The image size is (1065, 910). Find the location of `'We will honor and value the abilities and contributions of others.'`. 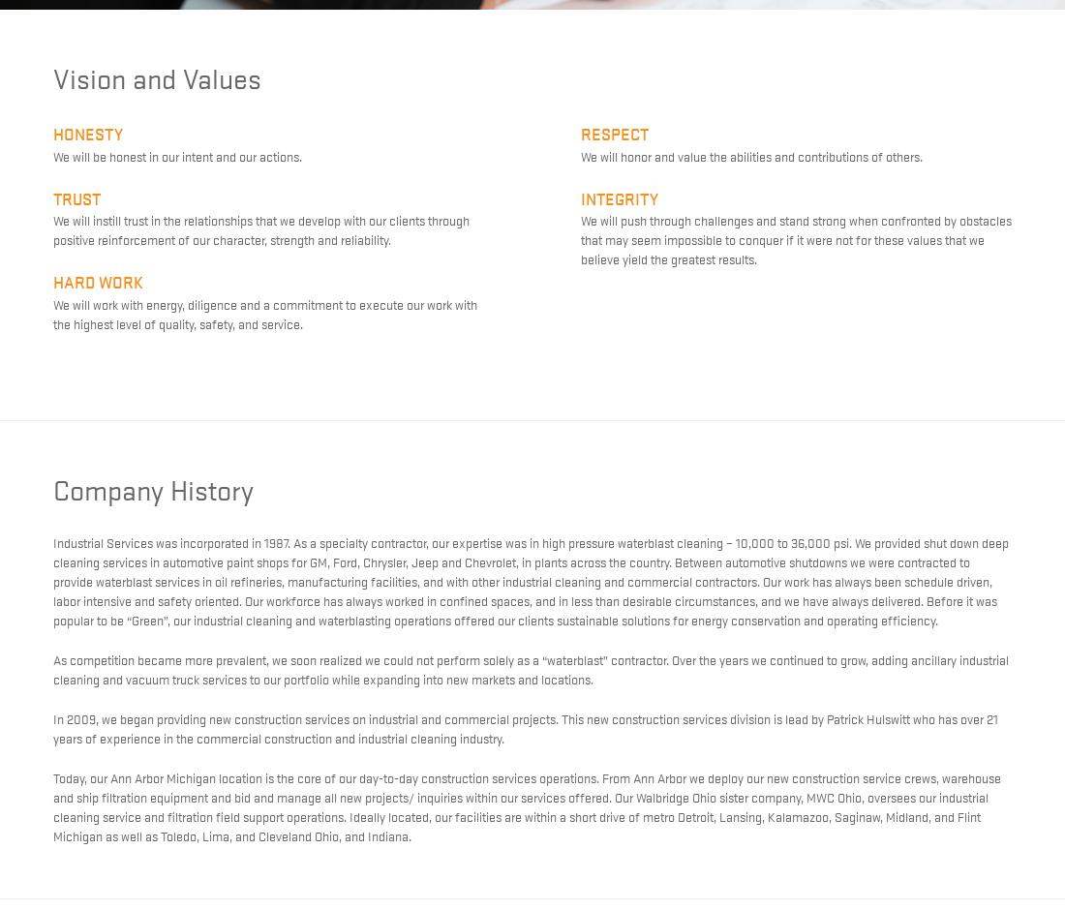

'We will honor and value the abilities and contributions of others.' is located at coordinates (750, 154).